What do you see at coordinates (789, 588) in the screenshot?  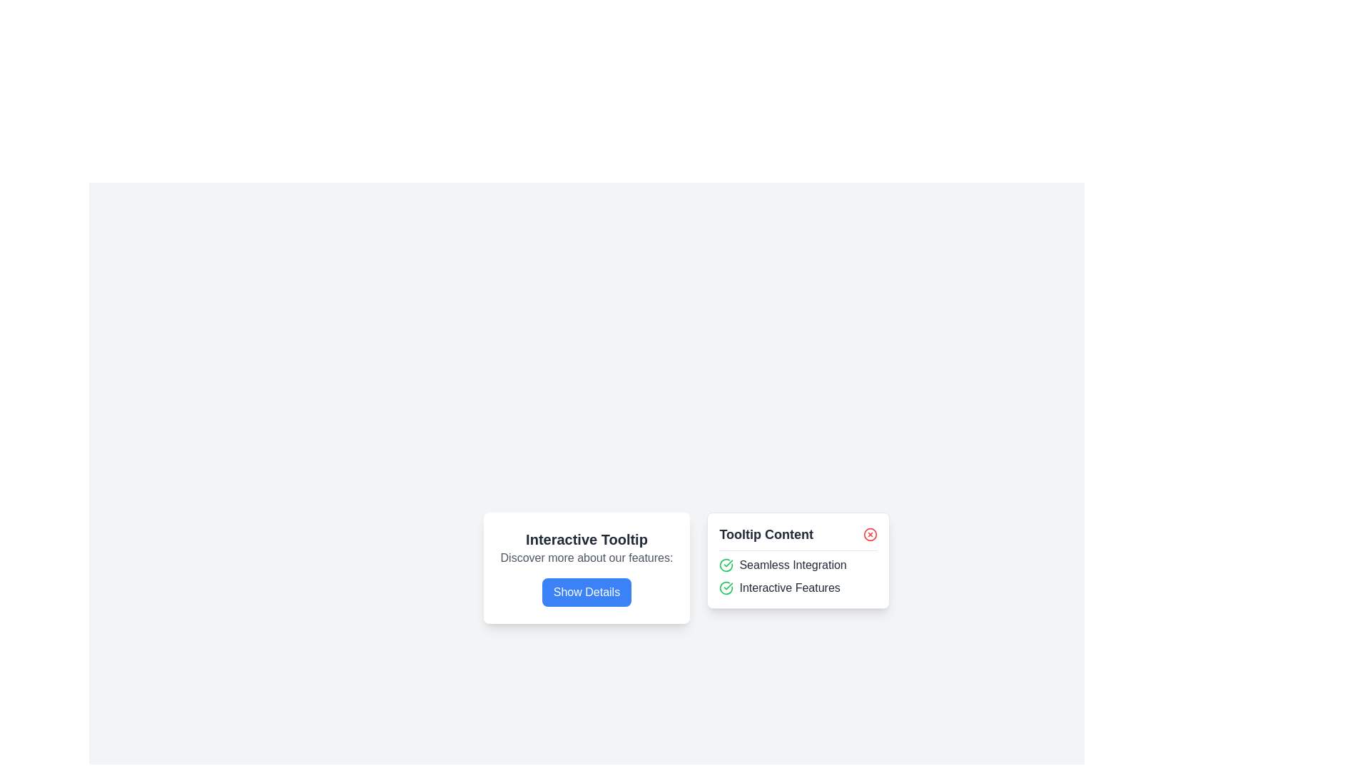 I see `the text label that provides clarity and information, located beneath the 'Seamless Integration' label and to the right of a green check mark icon` at bounding box center [789, 588].